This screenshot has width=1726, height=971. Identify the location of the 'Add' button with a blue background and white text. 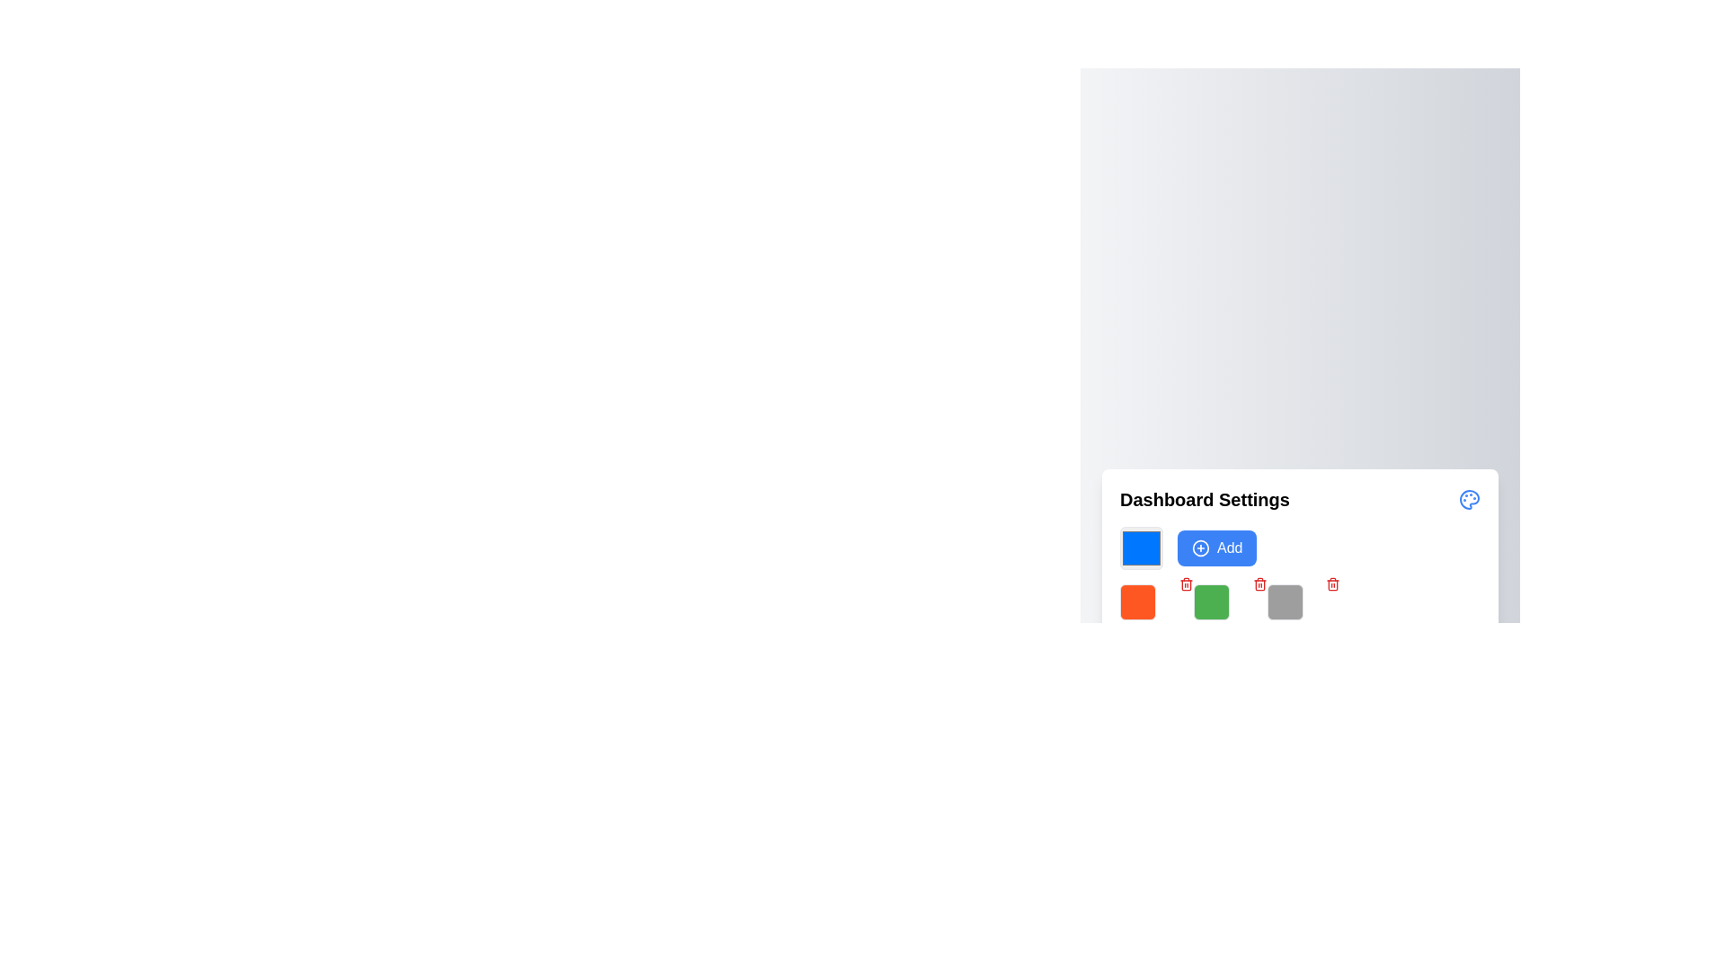
(1217, 547).